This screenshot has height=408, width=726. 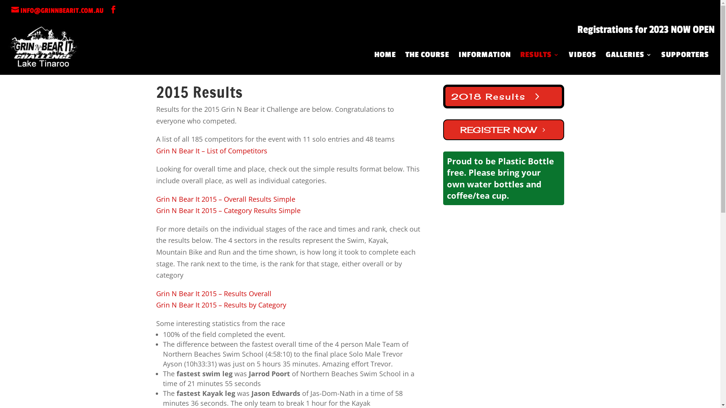 What do you see at coordinates (582, 63) in the screenshot?
I see `'VIDEOS'` at bounding box center [582, 63].